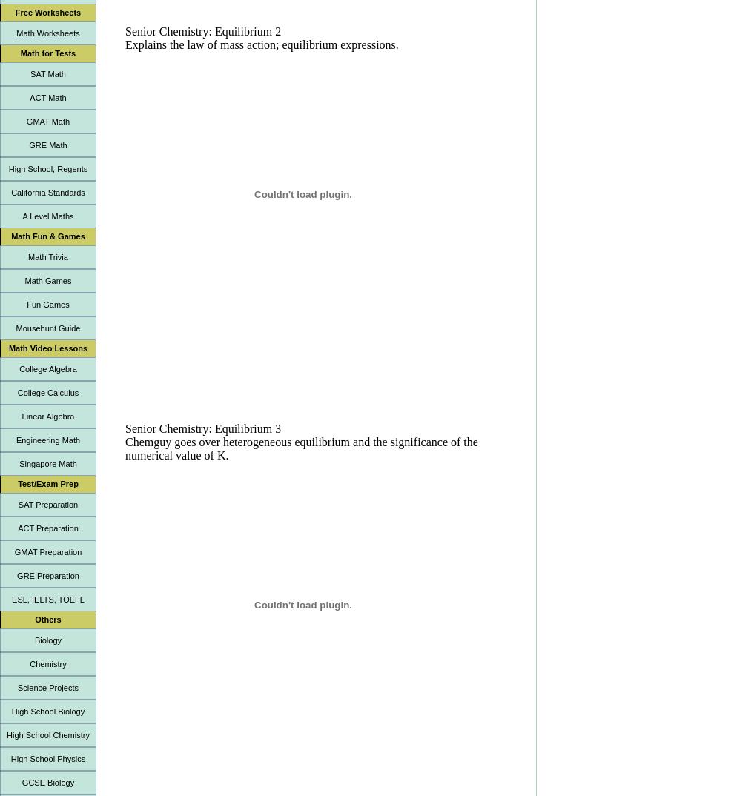 This screenshot has height=796, width=734. Describe the element at coordinates (47, 281) in the screenshot. I see `'Math Games'` at that location.